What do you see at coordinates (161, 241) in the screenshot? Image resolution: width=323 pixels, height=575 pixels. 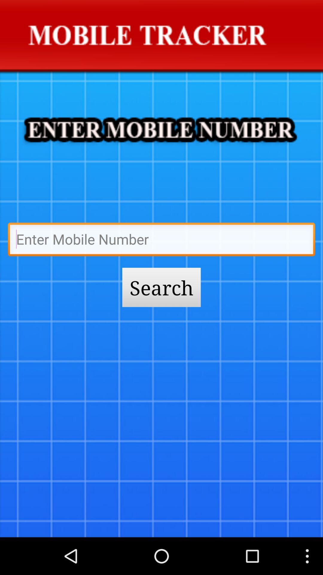 I see `trackering to be mobile is given` at bounding box center [161, 241].